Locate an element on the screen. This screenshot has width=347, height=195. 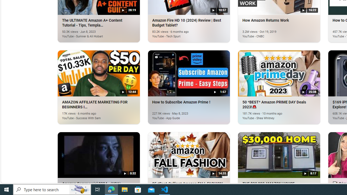
'Amazon Commercial 2024 - (USA)' is located at coordinates (99, 155).